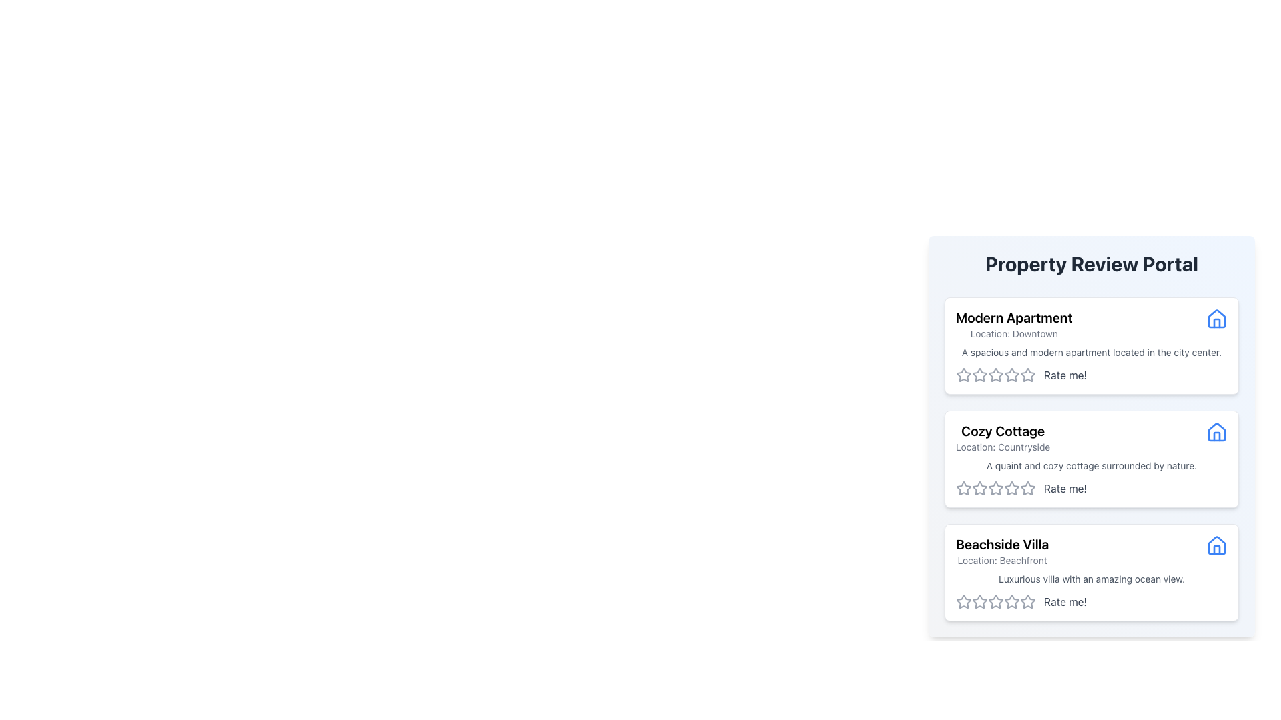  Describe the element at coordinates (1003, 431) in the screenshot. I see `the text label that serves as the title 'Cozy Cottage' in the property listing within the 'Property Review Portal'` at that location.